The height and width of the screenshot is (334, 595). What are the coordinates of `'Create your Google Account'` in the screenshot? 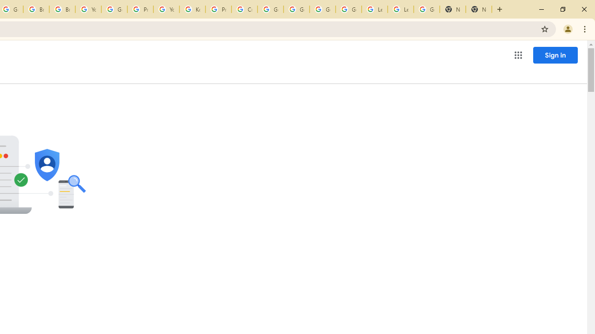 It's located at (245, 9).